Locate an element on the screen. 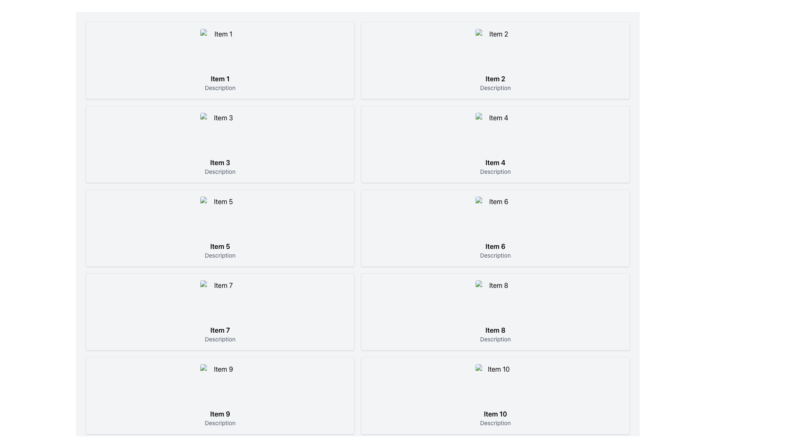 The height and width of the screenshot is (448, 796). text content of the Text Label located in the lower section of the sixth card in a grid layout, positioned directly below the item's image and above the 'Description' text is located at coordinates (495, 246).